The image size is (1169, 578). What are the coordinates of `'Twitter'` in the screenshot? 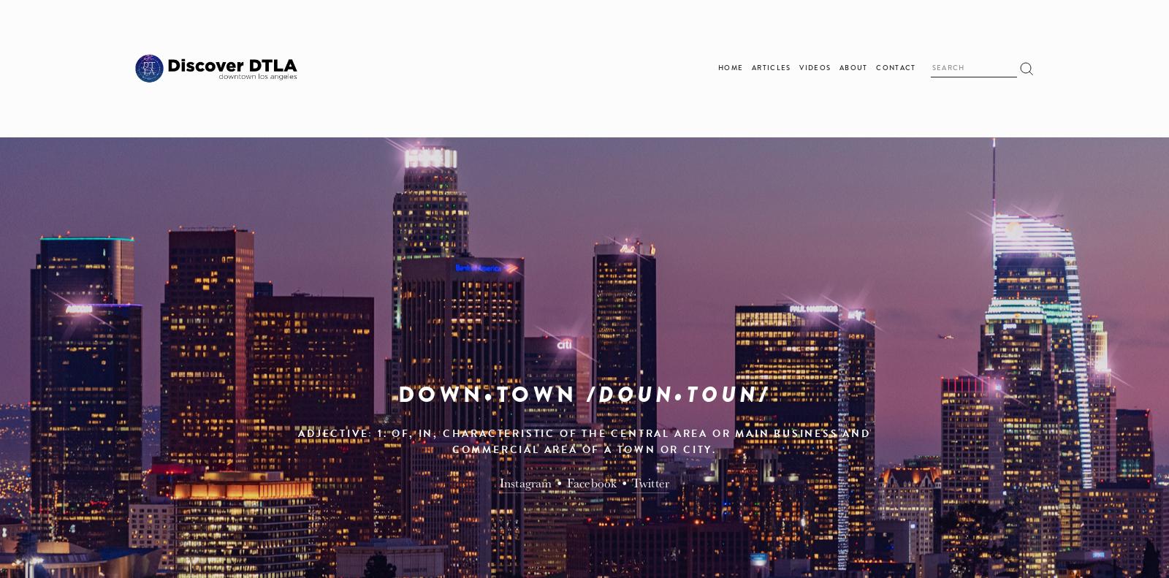 It's located at (650, 482).